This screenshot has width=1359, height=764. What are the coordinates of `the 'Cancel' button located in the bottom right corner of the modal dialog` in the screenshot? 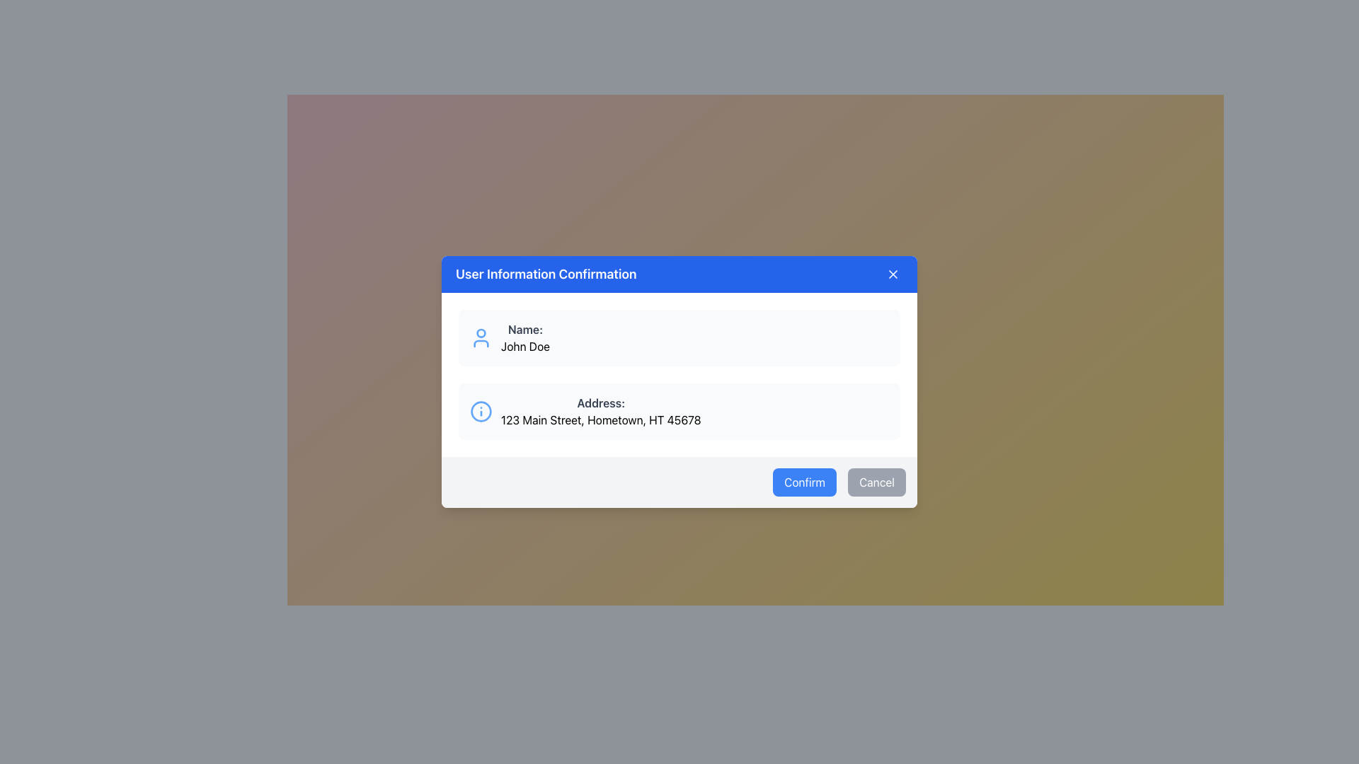 It's located at (876, 482).